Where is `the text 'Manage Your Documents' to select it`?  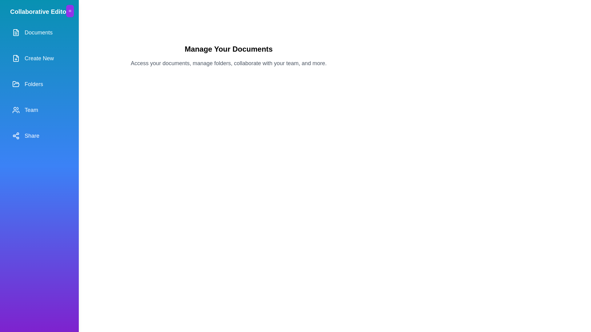 the text 'Manage Your Documents' to select it is located at coordinates (228, 49).